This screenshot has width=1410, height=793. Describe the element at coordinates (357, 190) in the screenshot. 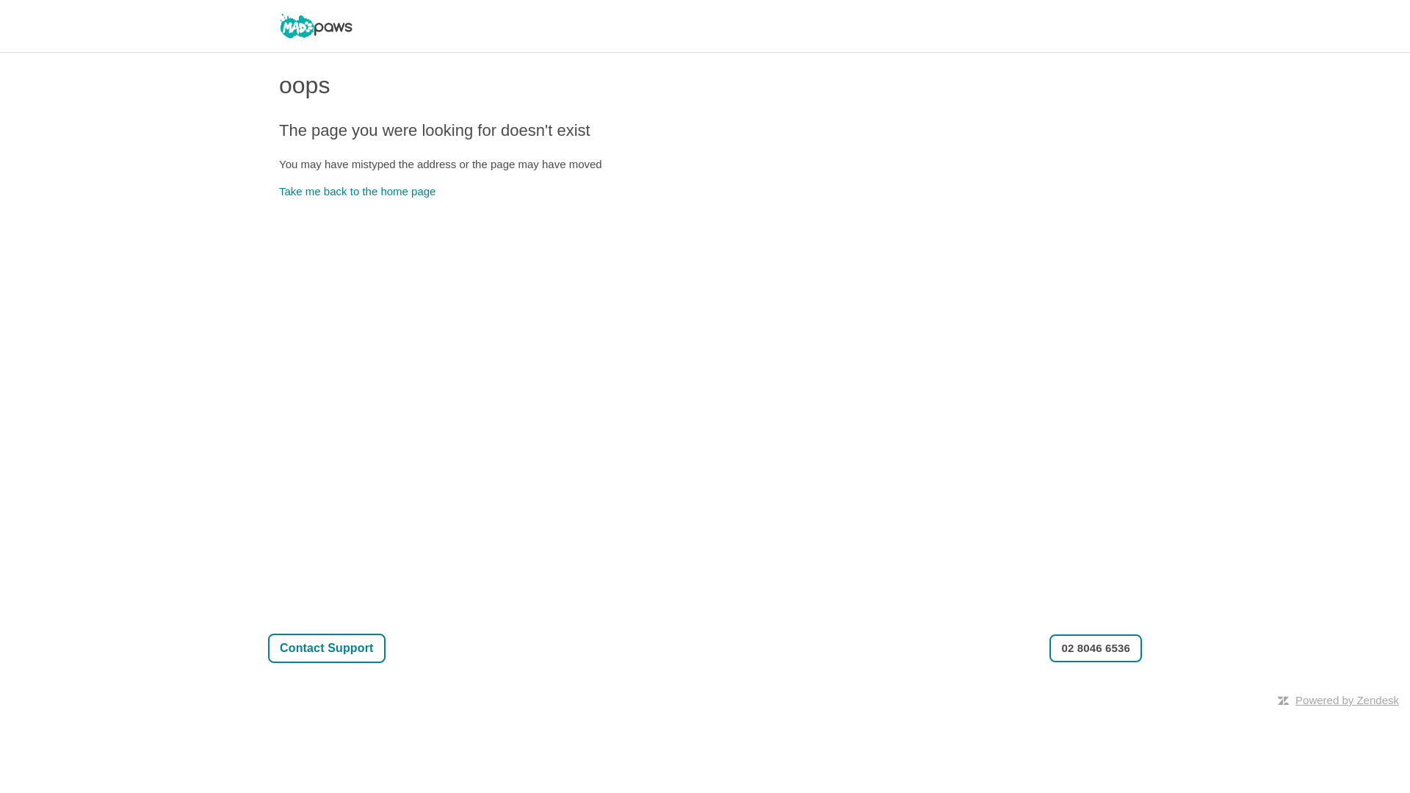

I see `'Take me back to the home page'` at that location.